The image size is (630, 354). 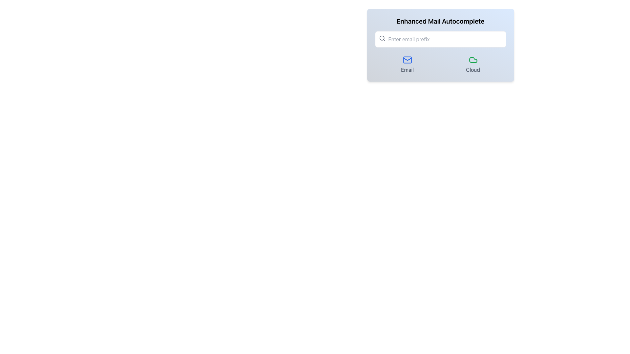 What do you see at coordinates (407, 69) in the screenshot?
I see `the text label labeled 'Email', which is styled in gray and positioned below the envelope icon` at bounding box center [407, 69].